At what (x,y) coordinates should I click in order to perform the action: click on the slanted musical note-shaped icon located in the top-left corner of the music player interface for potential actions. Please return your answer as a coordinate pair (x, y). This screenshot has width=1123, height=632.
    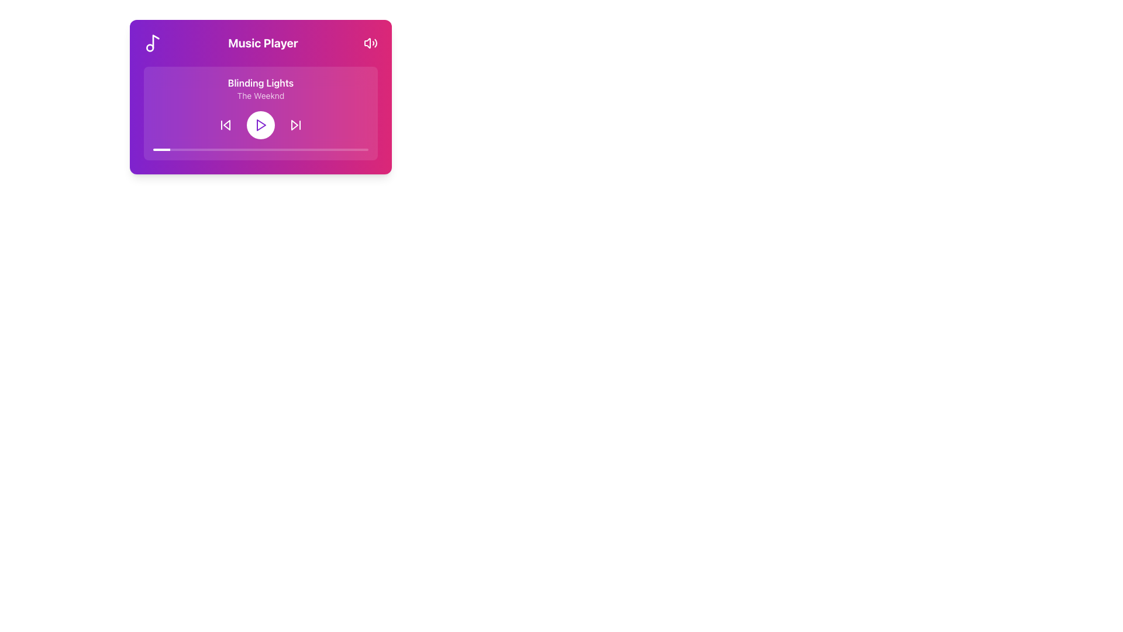
    Looking at the image, I should click on (154, 40).